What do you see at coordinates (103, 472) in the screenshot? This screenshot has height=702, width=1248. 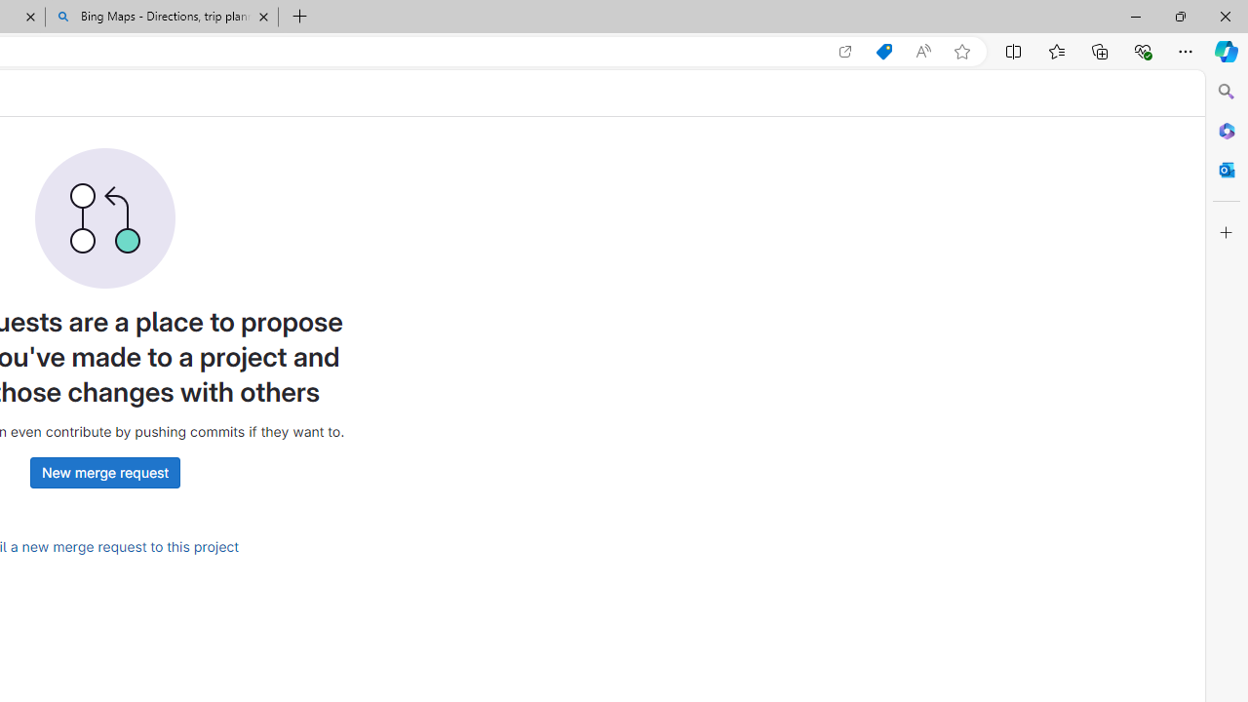 I see `'New merge request'` at bounding box center [103, 472].